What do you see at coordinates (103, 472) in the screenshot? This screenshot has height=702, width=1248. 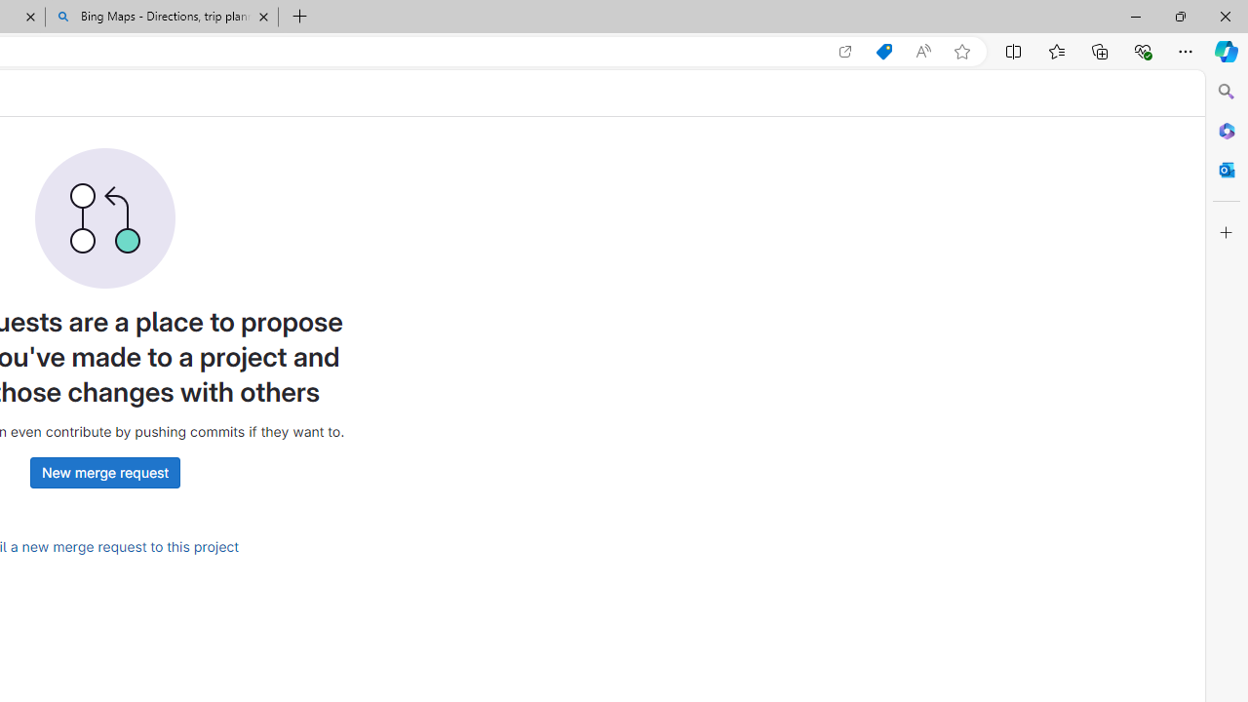 I see `'New merge request'` at bounding box center [103, 472].